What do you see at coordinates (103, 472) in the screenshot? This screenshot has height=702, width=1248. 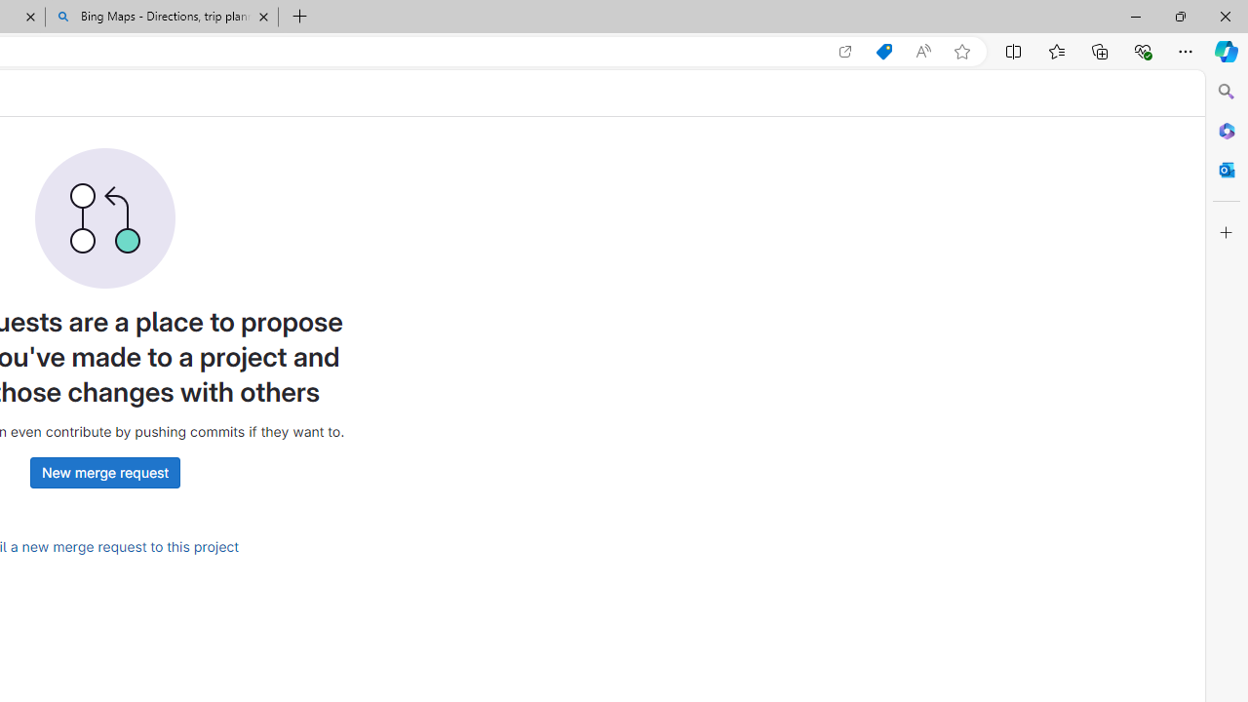 I see `'New merge request'` at bounding box center [103, 472].